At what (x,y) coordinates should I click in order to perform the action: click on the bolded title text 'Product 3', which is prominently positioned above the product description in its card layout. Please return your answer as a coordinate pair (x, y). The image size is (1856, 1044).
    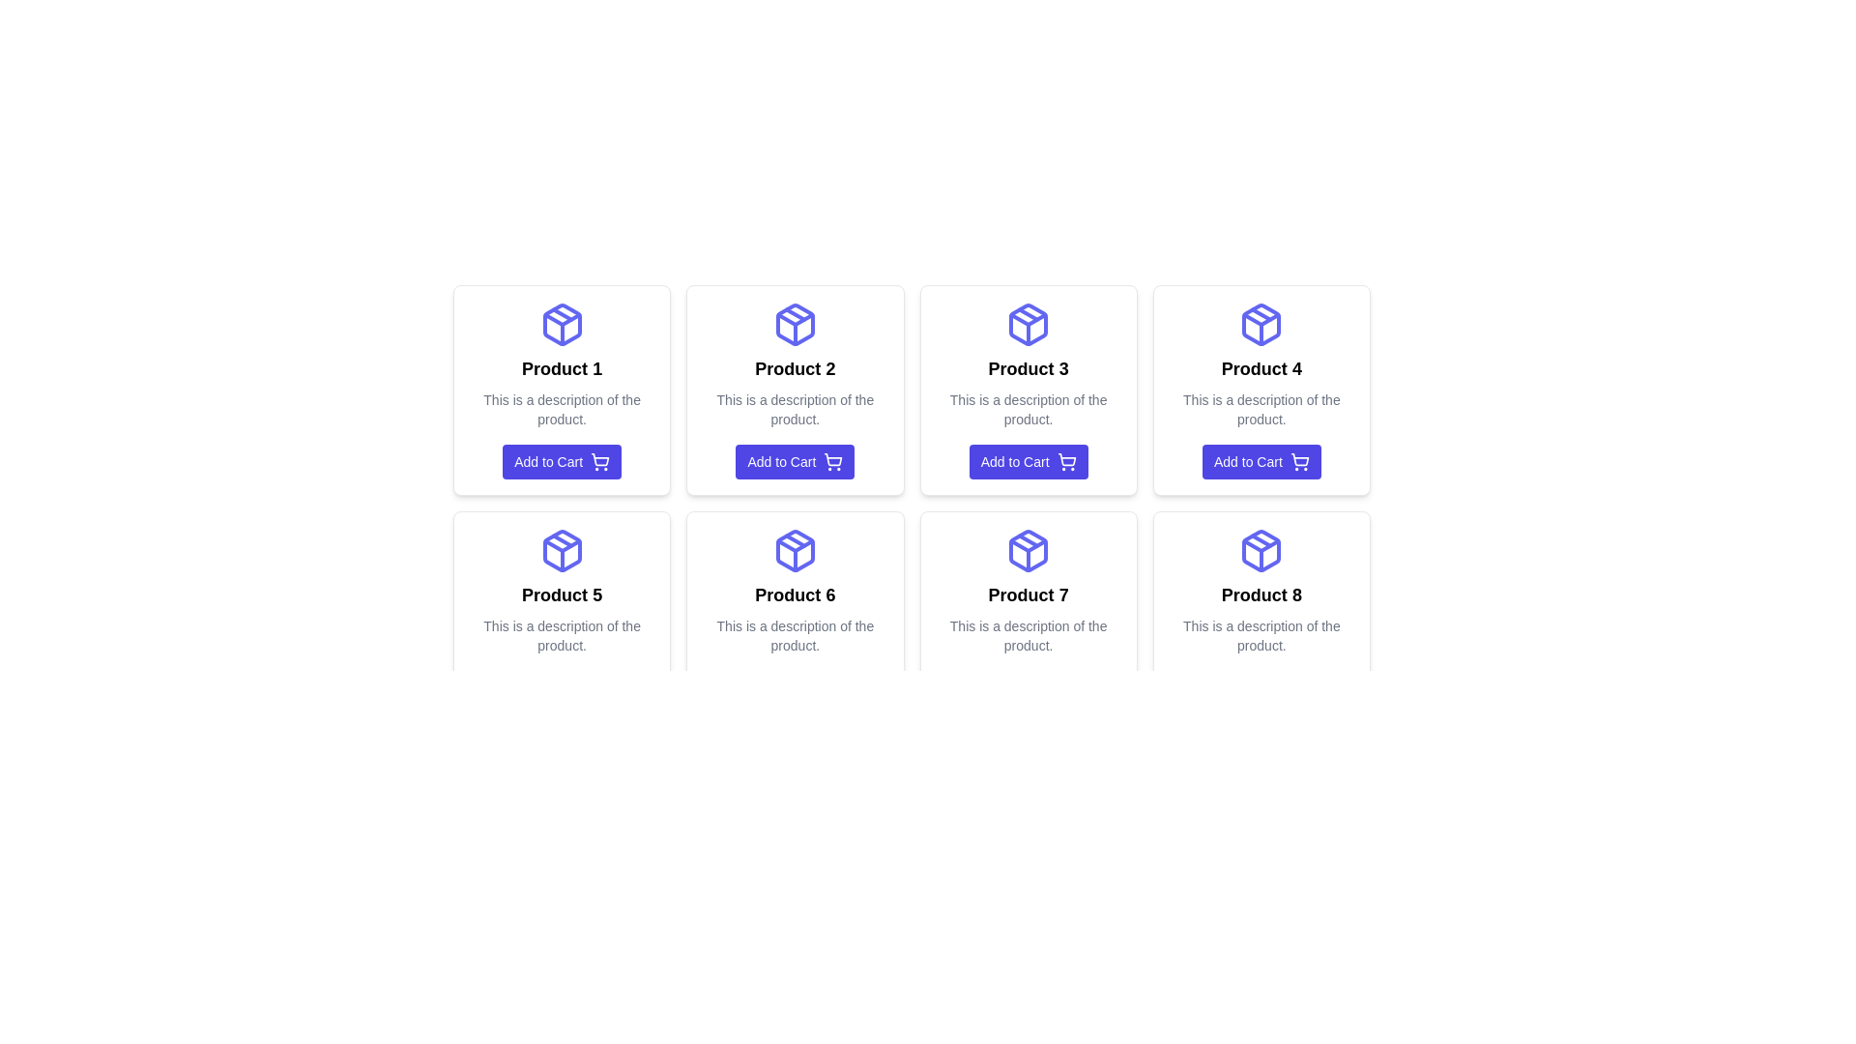
    Looking at the image, I should click on (1028, 368).